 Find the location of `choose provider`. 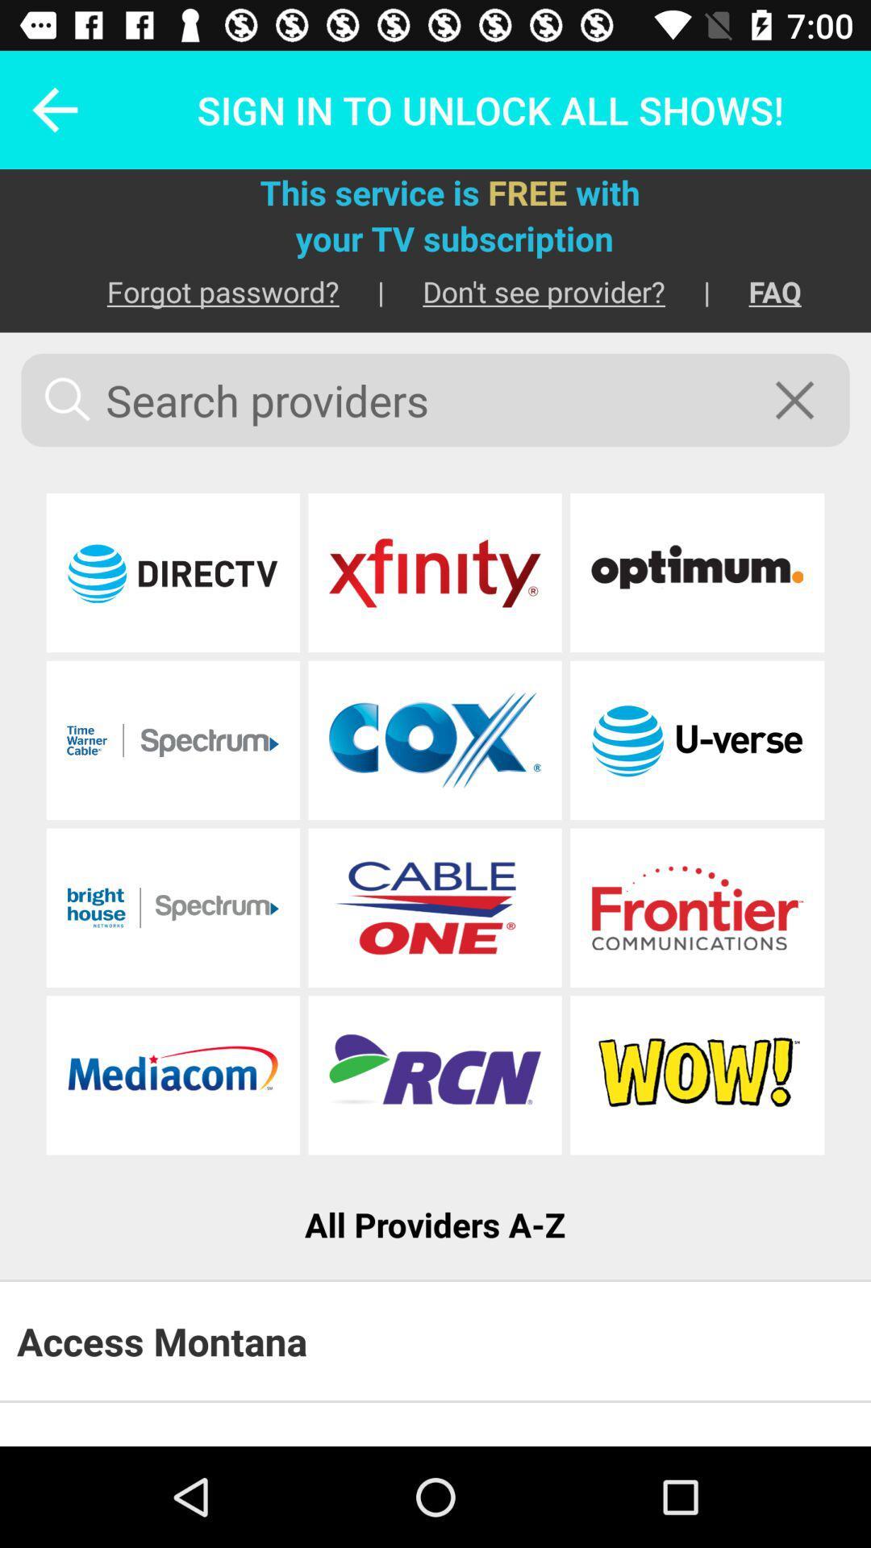

choose provider is located at coordinates (696, 572).